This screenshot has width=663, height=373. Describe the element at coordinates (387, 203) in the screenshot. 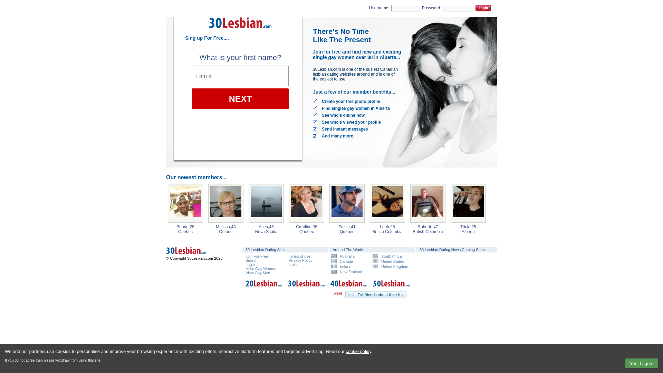

I see `'Leah, 25 from Kamloops, British Columbia'` at that location.